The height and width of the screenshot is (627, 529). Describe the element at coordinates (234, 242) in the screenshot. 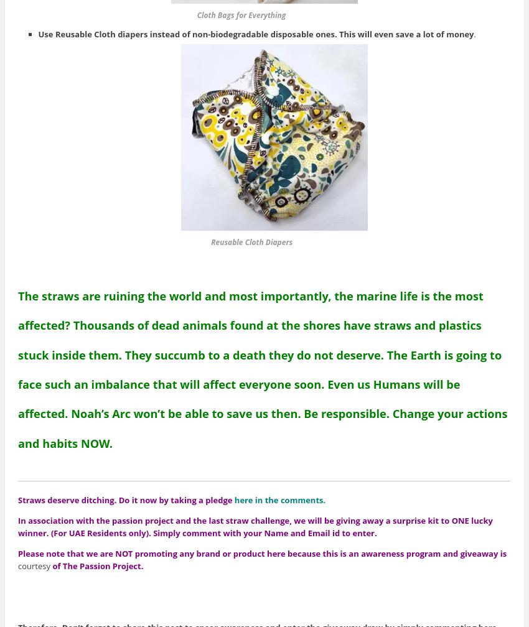

I see `'Reusable Cloth Diapers'` at that location.